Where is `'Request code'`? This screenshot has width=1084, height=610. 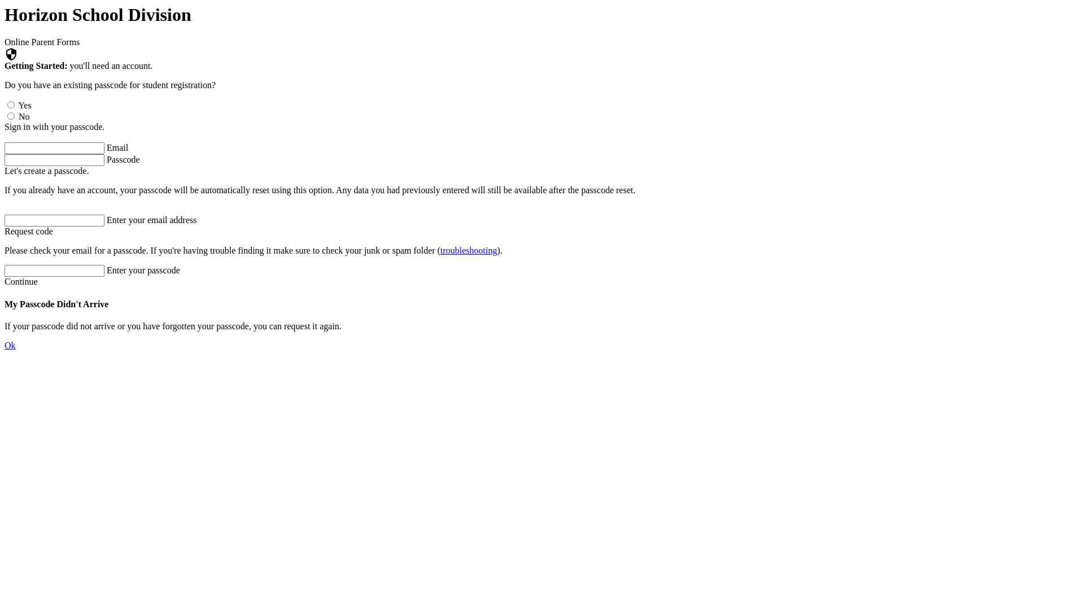 'Request code' is located at coordinates (29, 230).